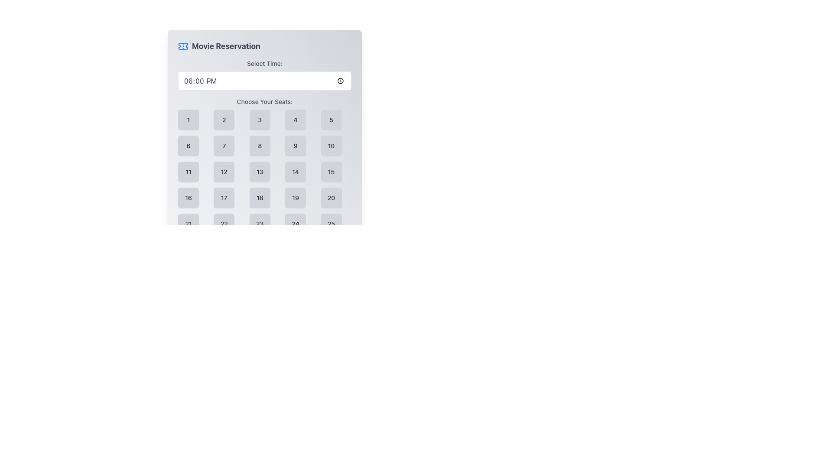 The width and height of the screenshot is (832, 468). Describe the element at coordinates (224, 120) in the screenshot. I see `the selectable button labeled with number '2' in the seating option grid` at that location.